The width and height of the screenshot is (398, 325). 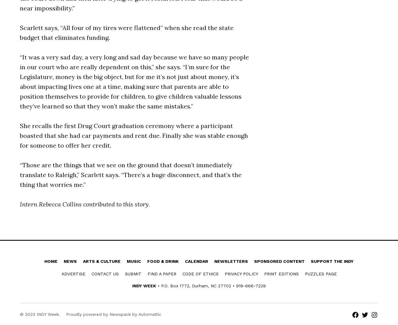 What do you see at coordinates (113, 314) in the screenshot?
I see `'Proudly powered by Newspack by Automattic'` at bounding box center [113, 314].